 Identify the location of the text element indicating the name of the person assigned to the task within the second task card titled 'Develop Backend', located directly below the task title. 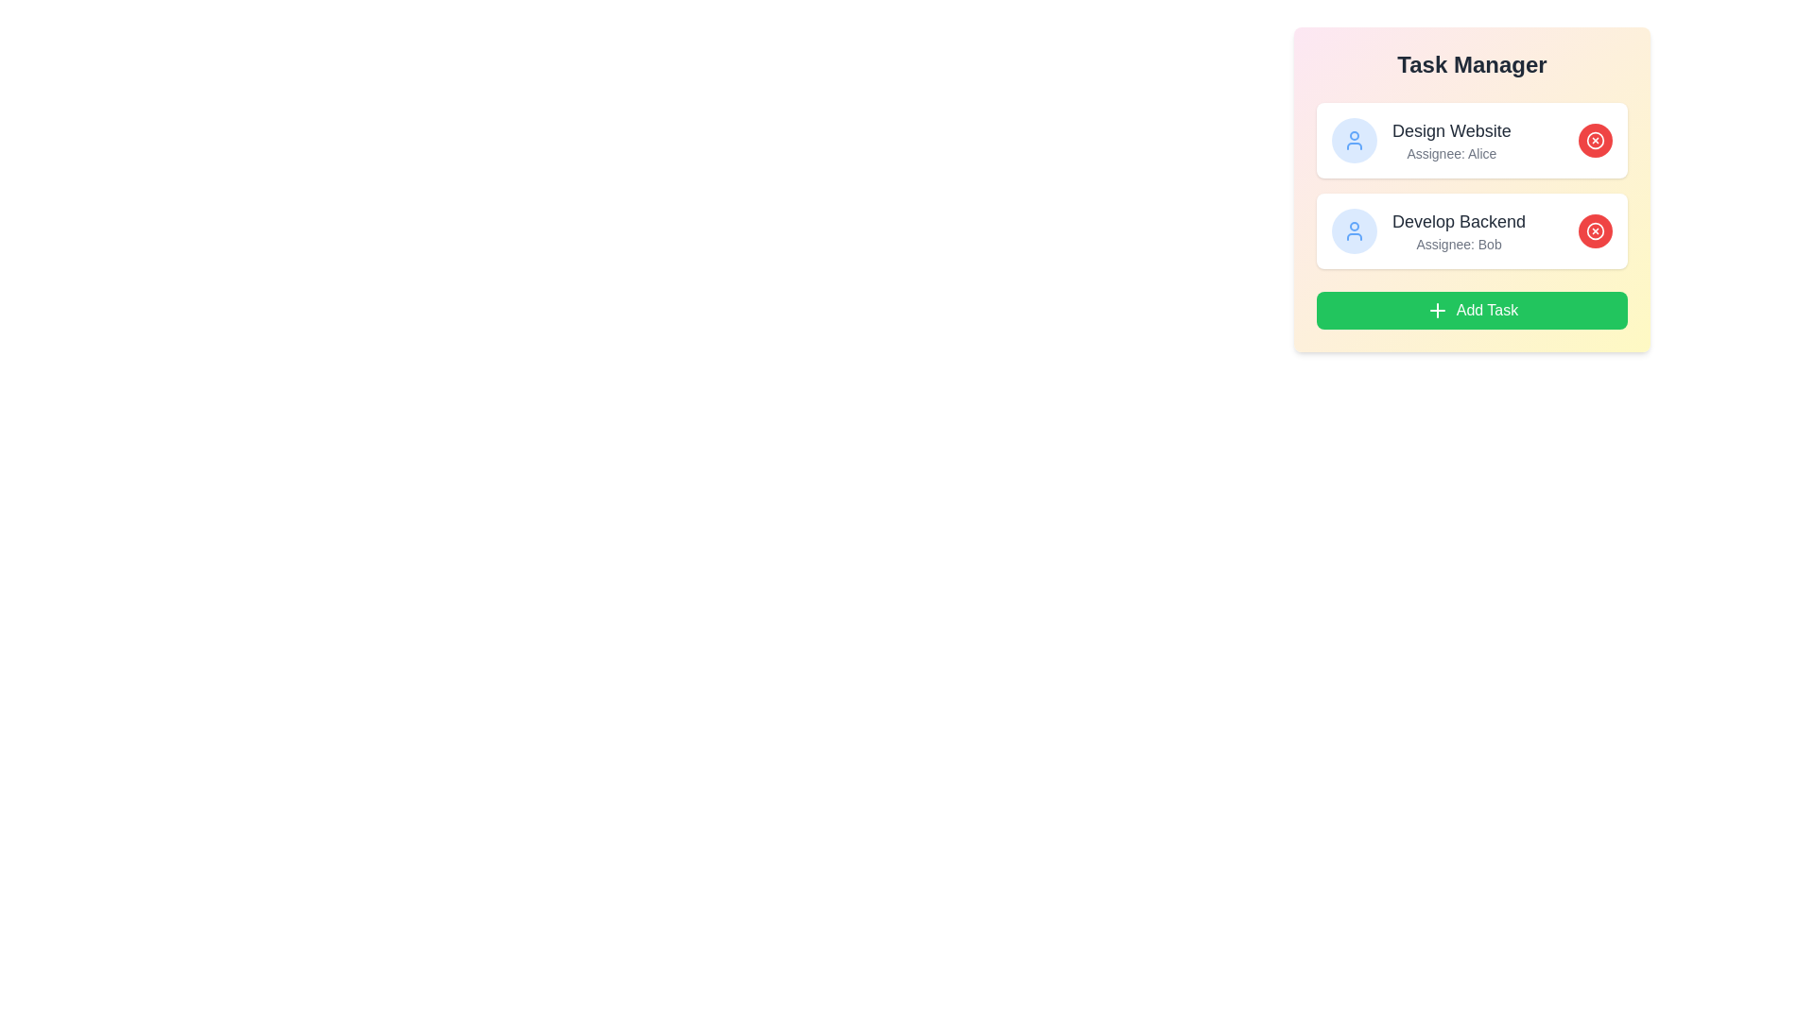
(1458, 243).